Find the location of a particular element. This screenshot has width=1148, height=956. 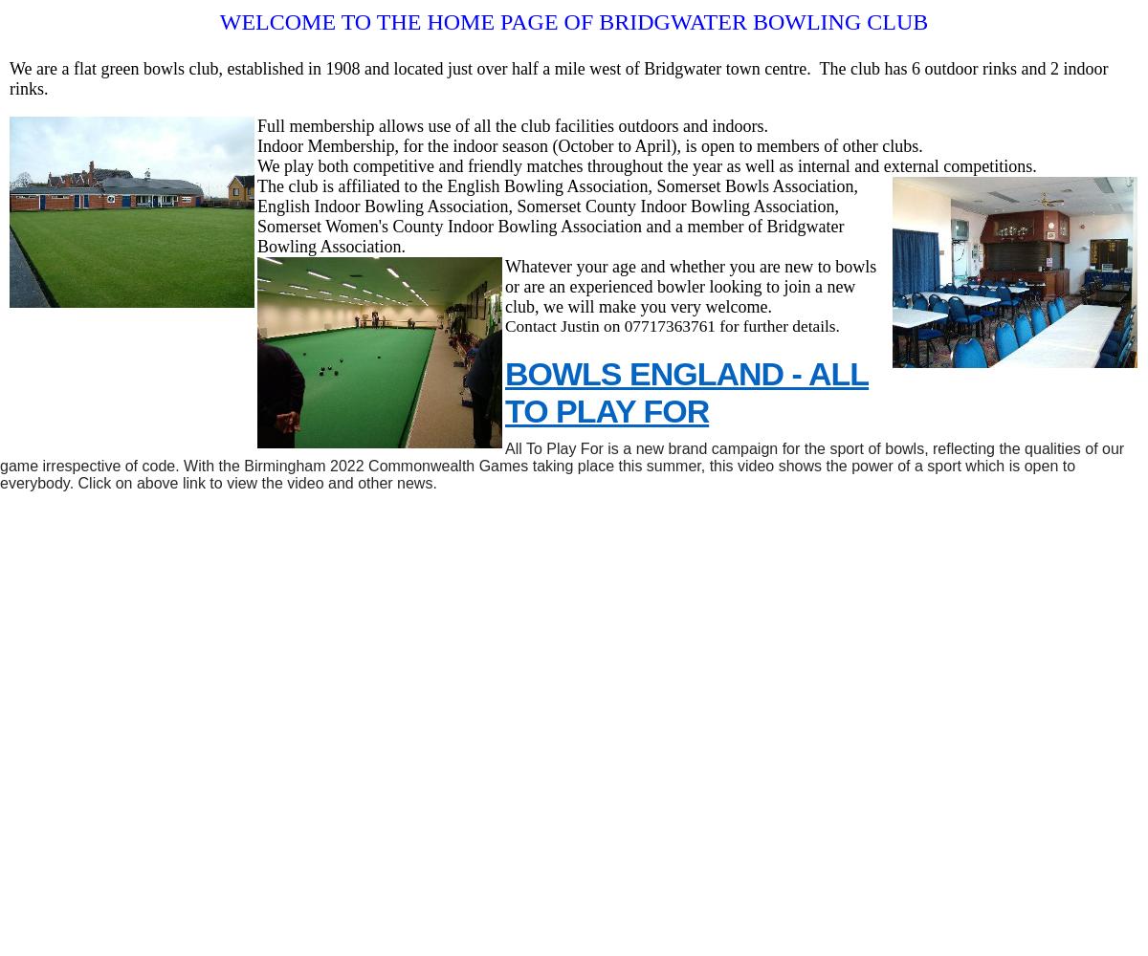

'Contact Justin on 07717363761 for further details.' is located at coordinates (672, 325).